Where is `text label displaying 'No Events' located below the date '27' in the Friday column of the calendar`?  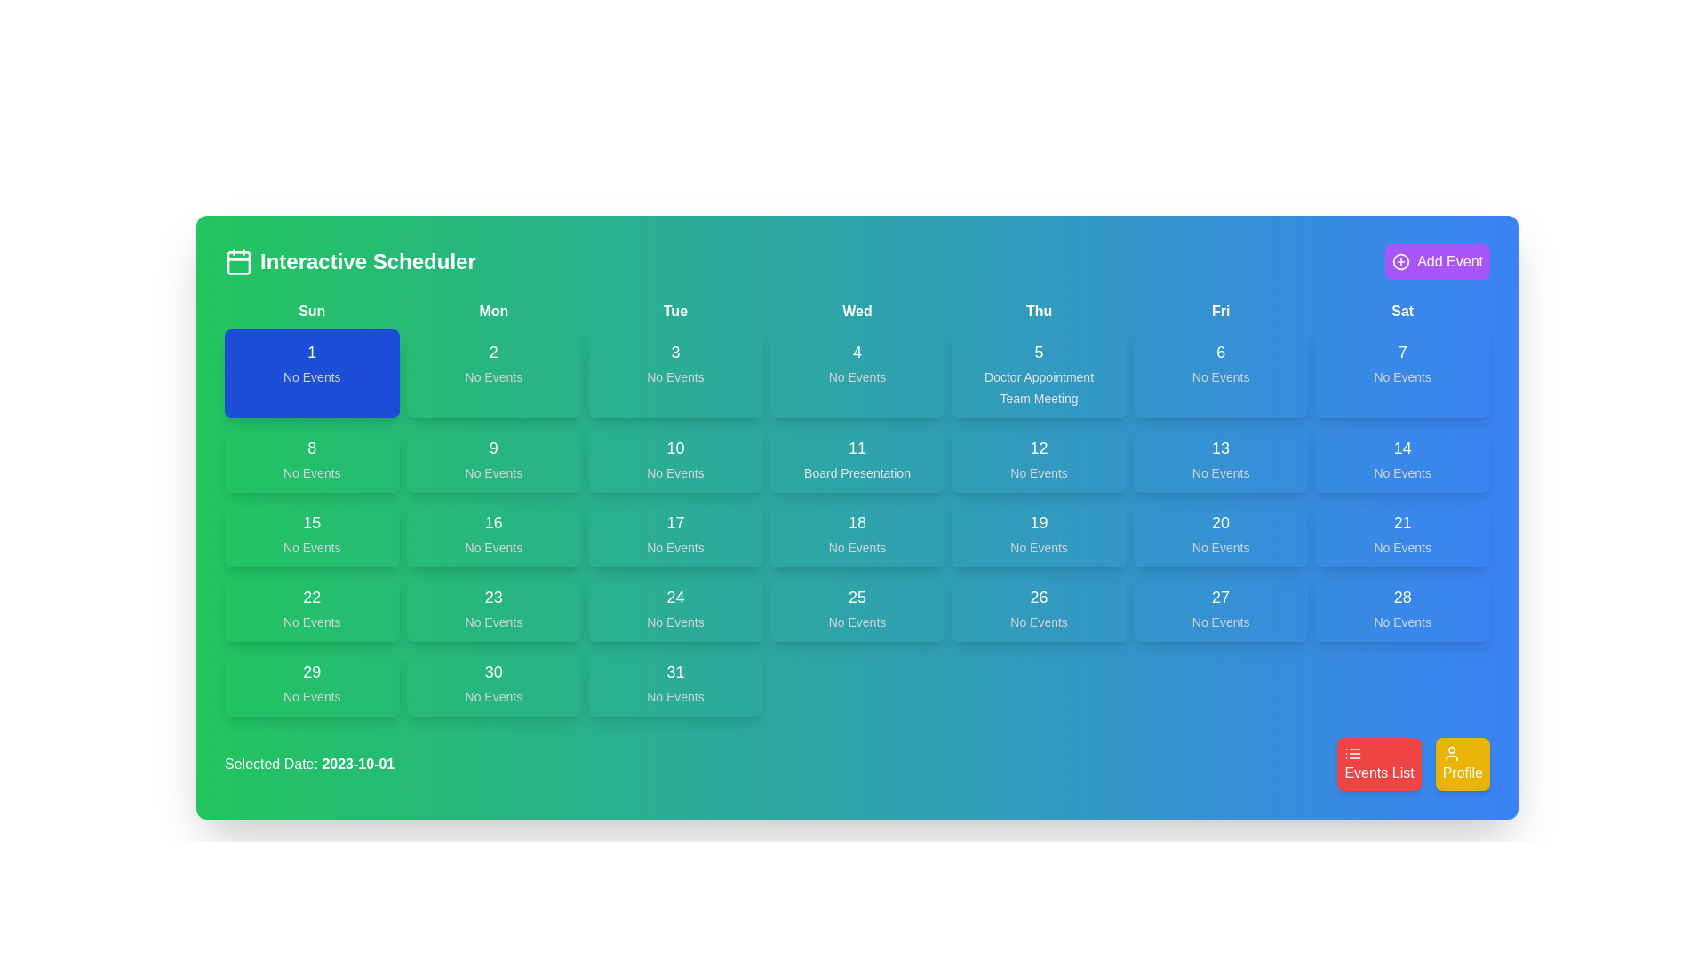
text label displaying 'No Events' located below the date '27' in the Friday column of the calendar is located at coordinates (1220, 622).